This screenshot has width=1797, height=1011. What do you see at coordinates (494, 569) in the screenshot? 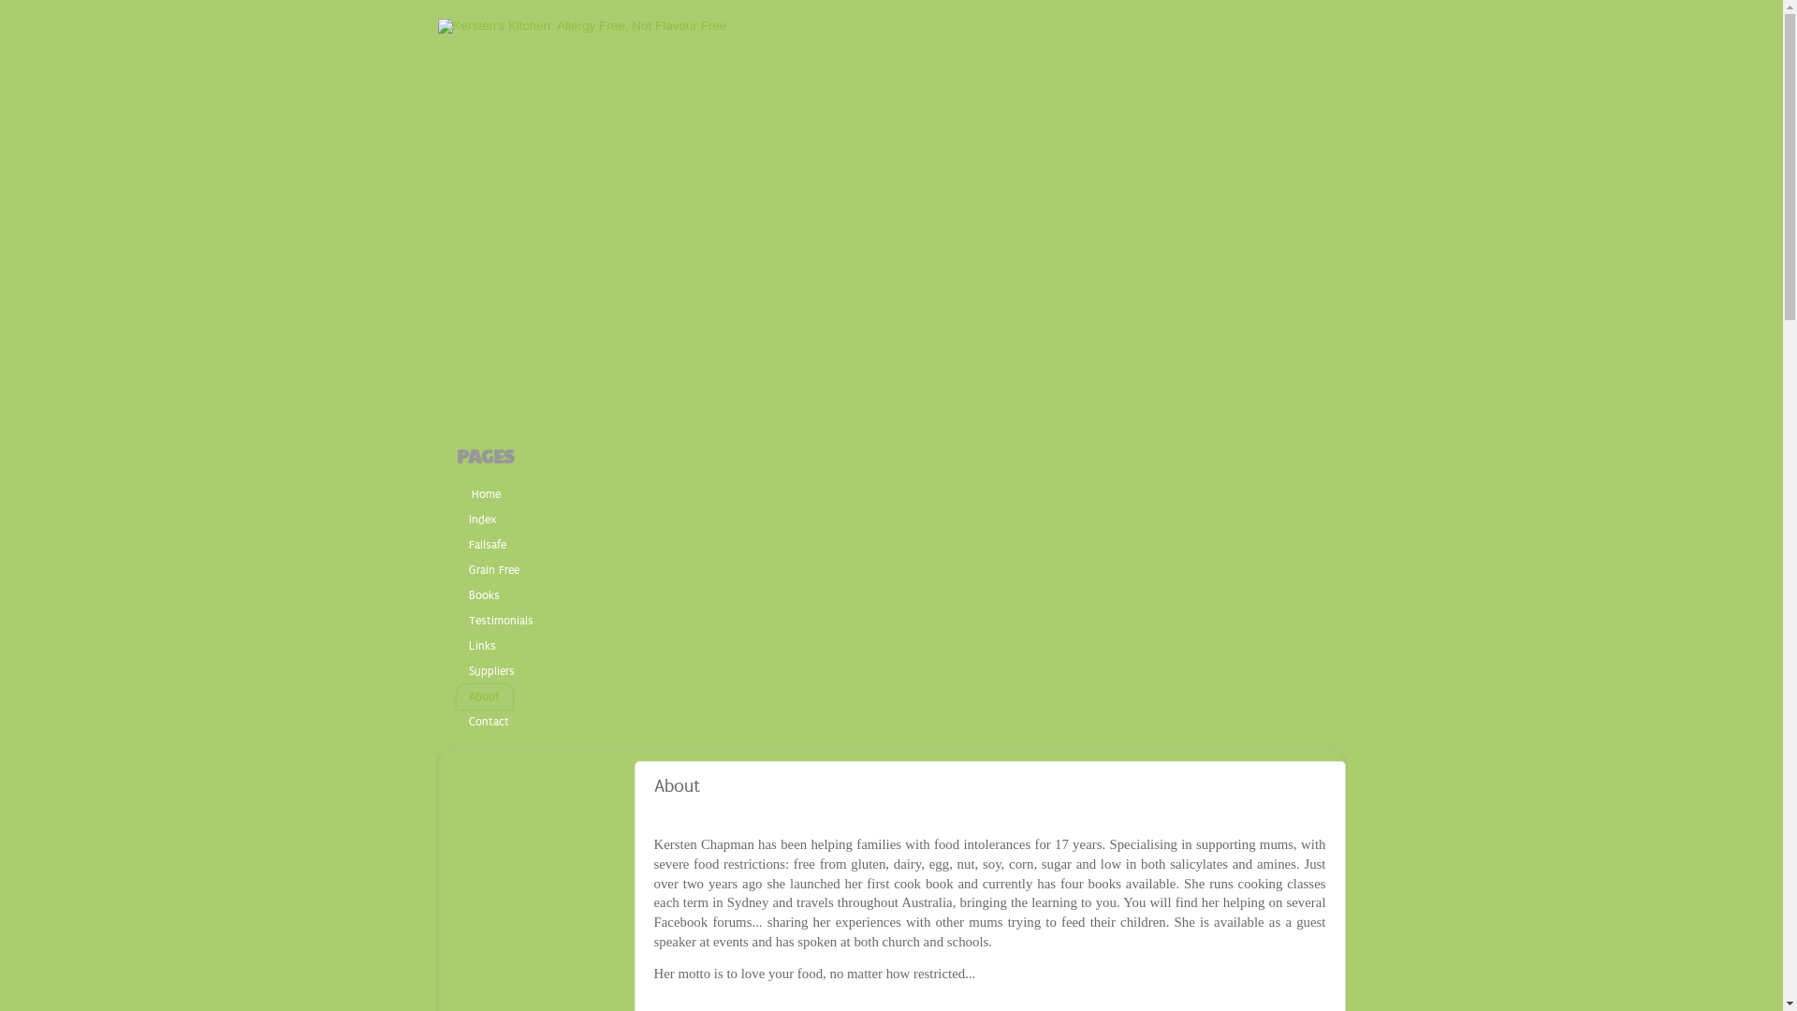
I see `'Grain Free'` at bounding box center [494, 569].